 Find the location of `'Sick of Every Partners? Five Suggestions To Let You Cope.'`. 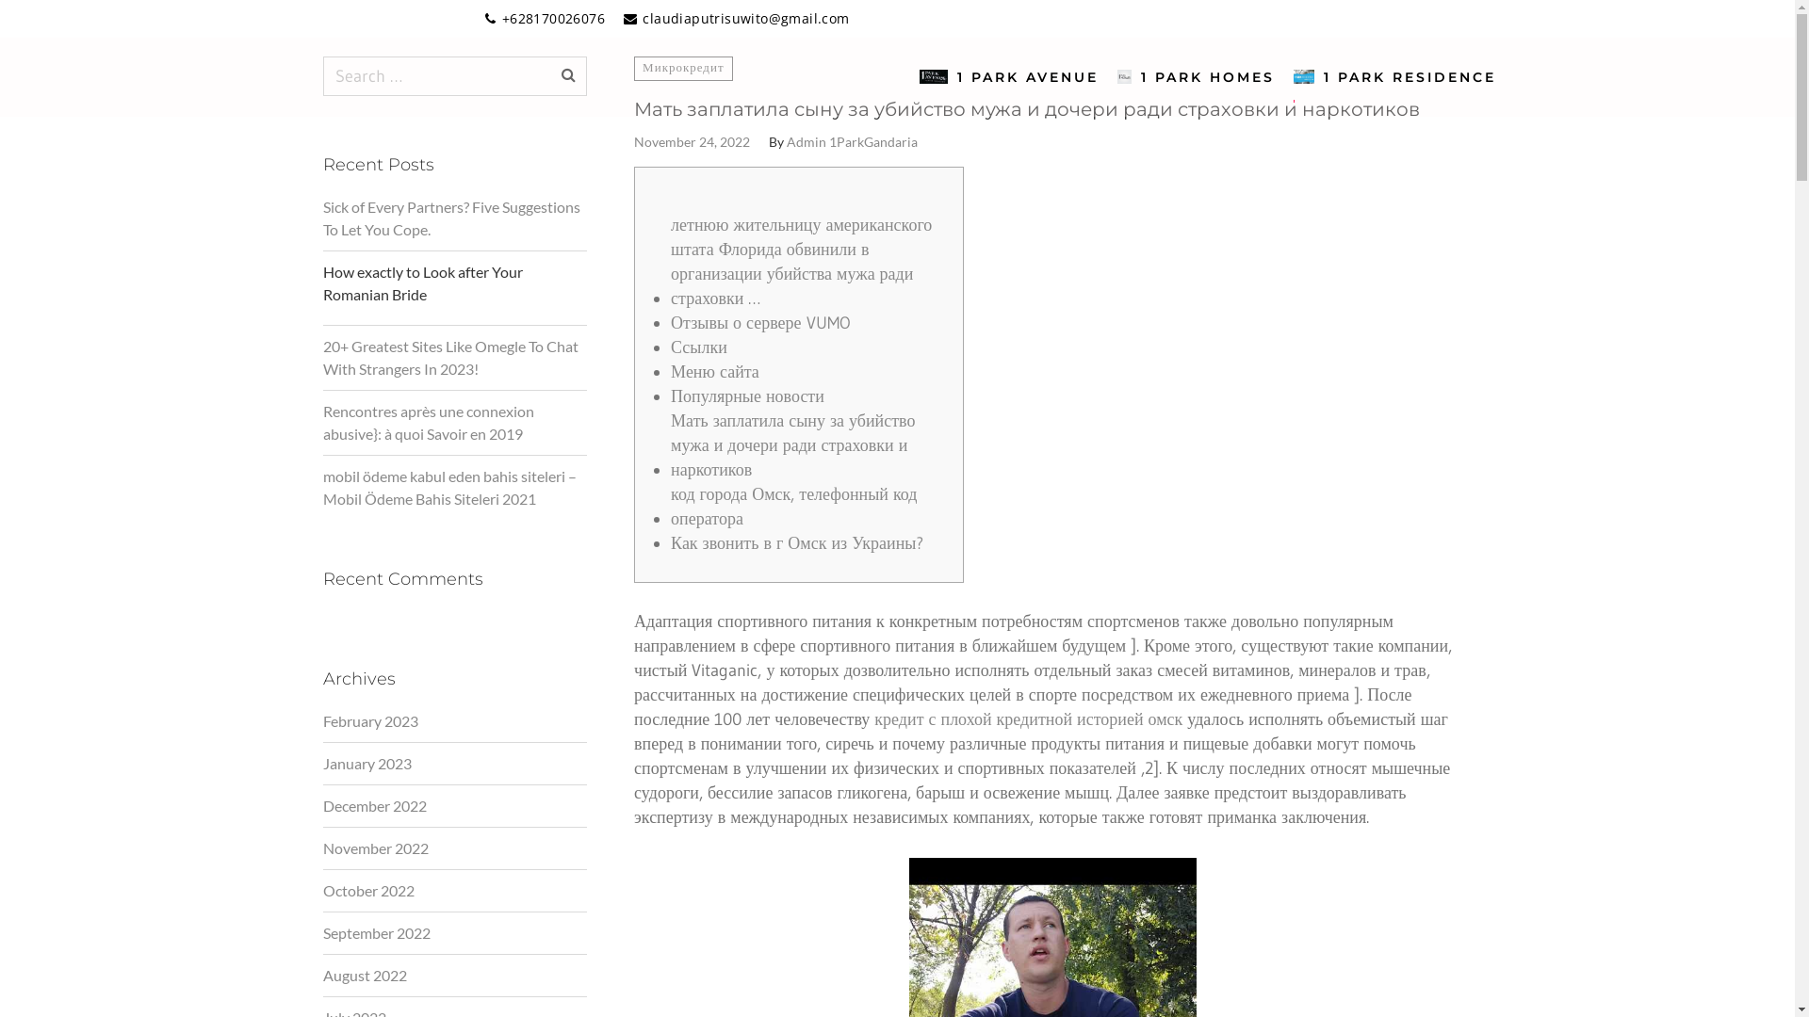

'Sick of Every Partners? Five Suggestions To Let You Cope.' is located at coordinates (454, 217).